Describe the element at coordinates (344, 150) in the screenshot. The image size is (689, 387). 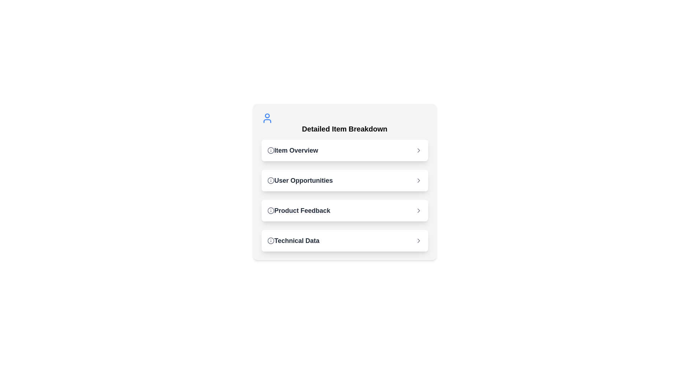
I see `the topmost button-like interactive list item` at that location.